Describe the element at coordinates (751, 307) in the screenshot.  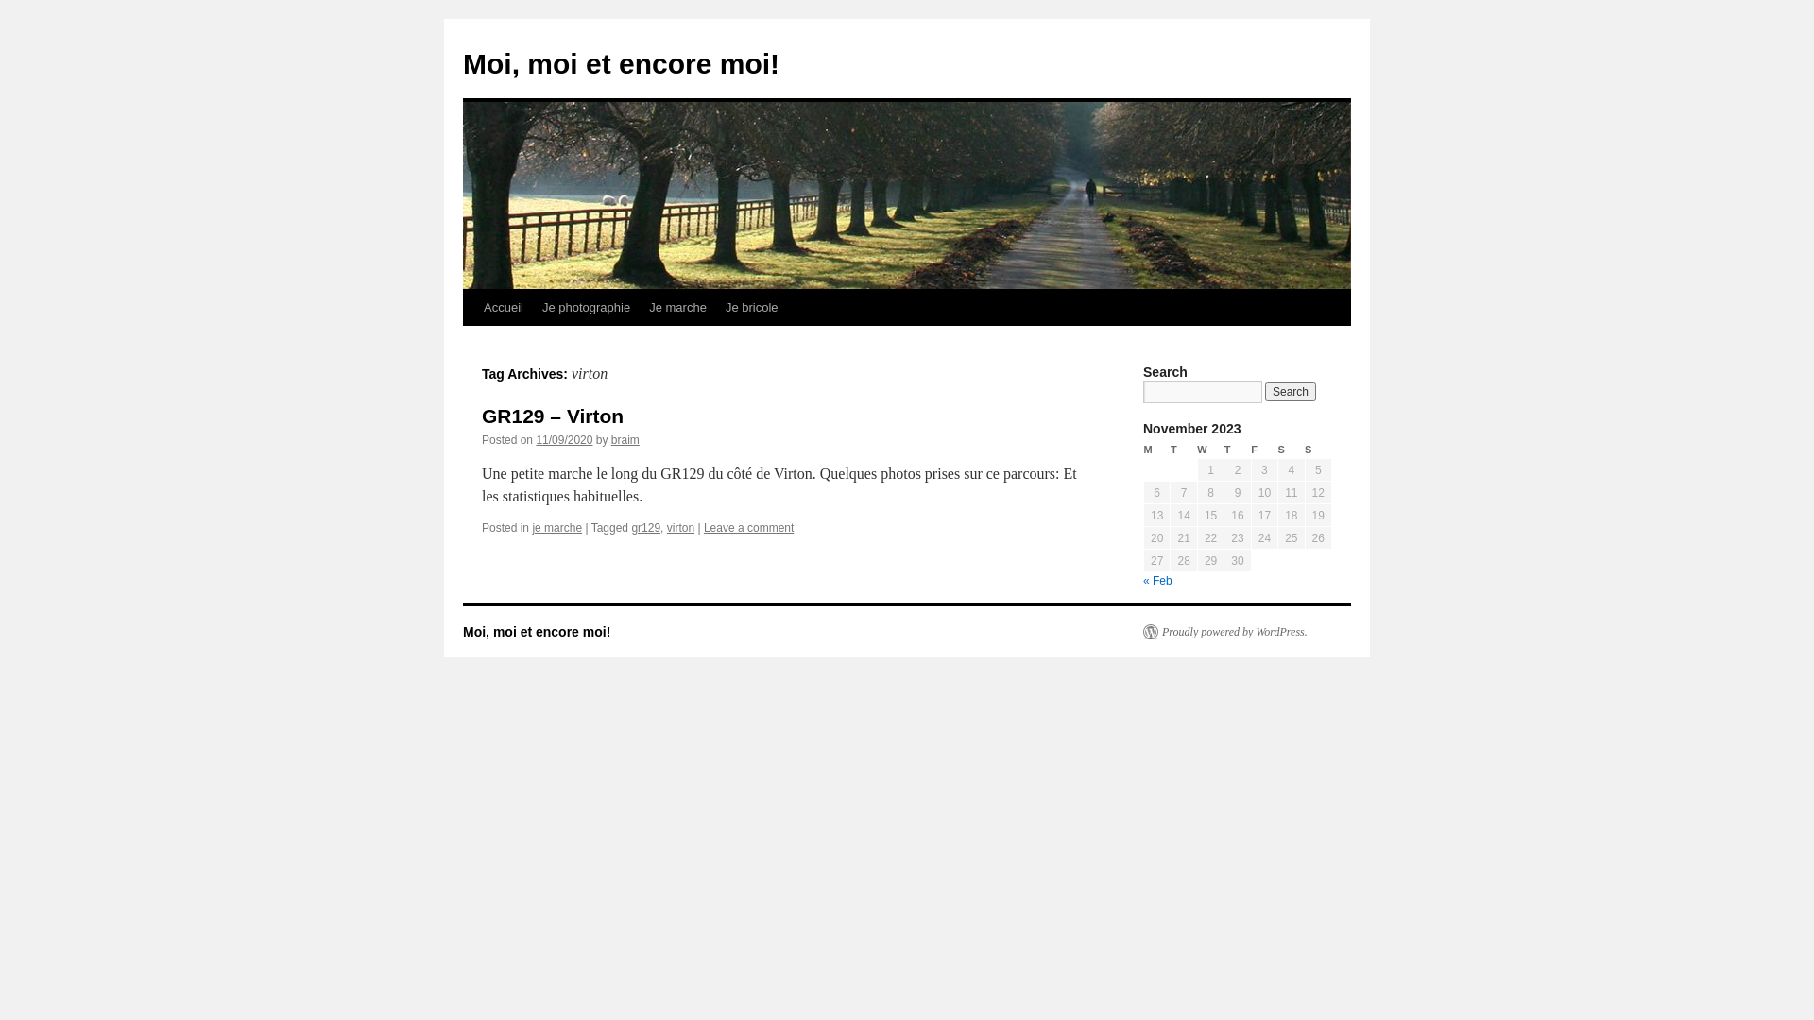
I see `'Je bricole'` at that location.